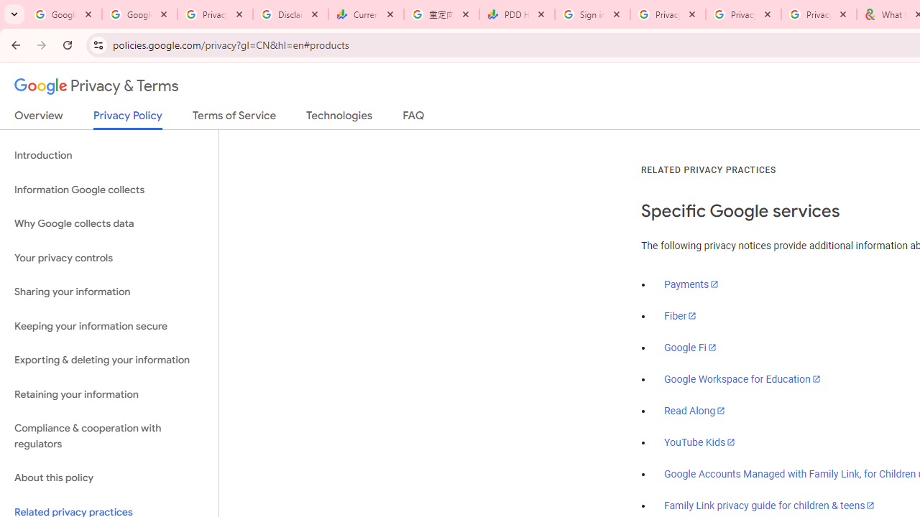  Describe the element at coordinates (769, 504) in the screenshot. I see `'Family Link privacy guide for children & teens'` at that location.